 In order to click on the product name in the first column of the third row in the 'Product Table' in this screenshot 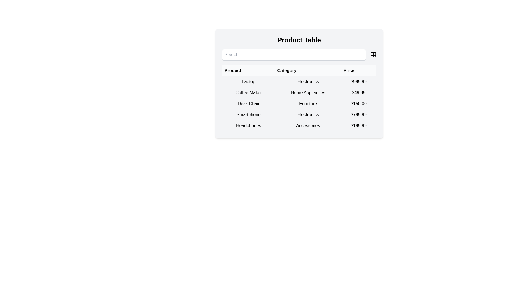, I will do `click(248, 104)`.